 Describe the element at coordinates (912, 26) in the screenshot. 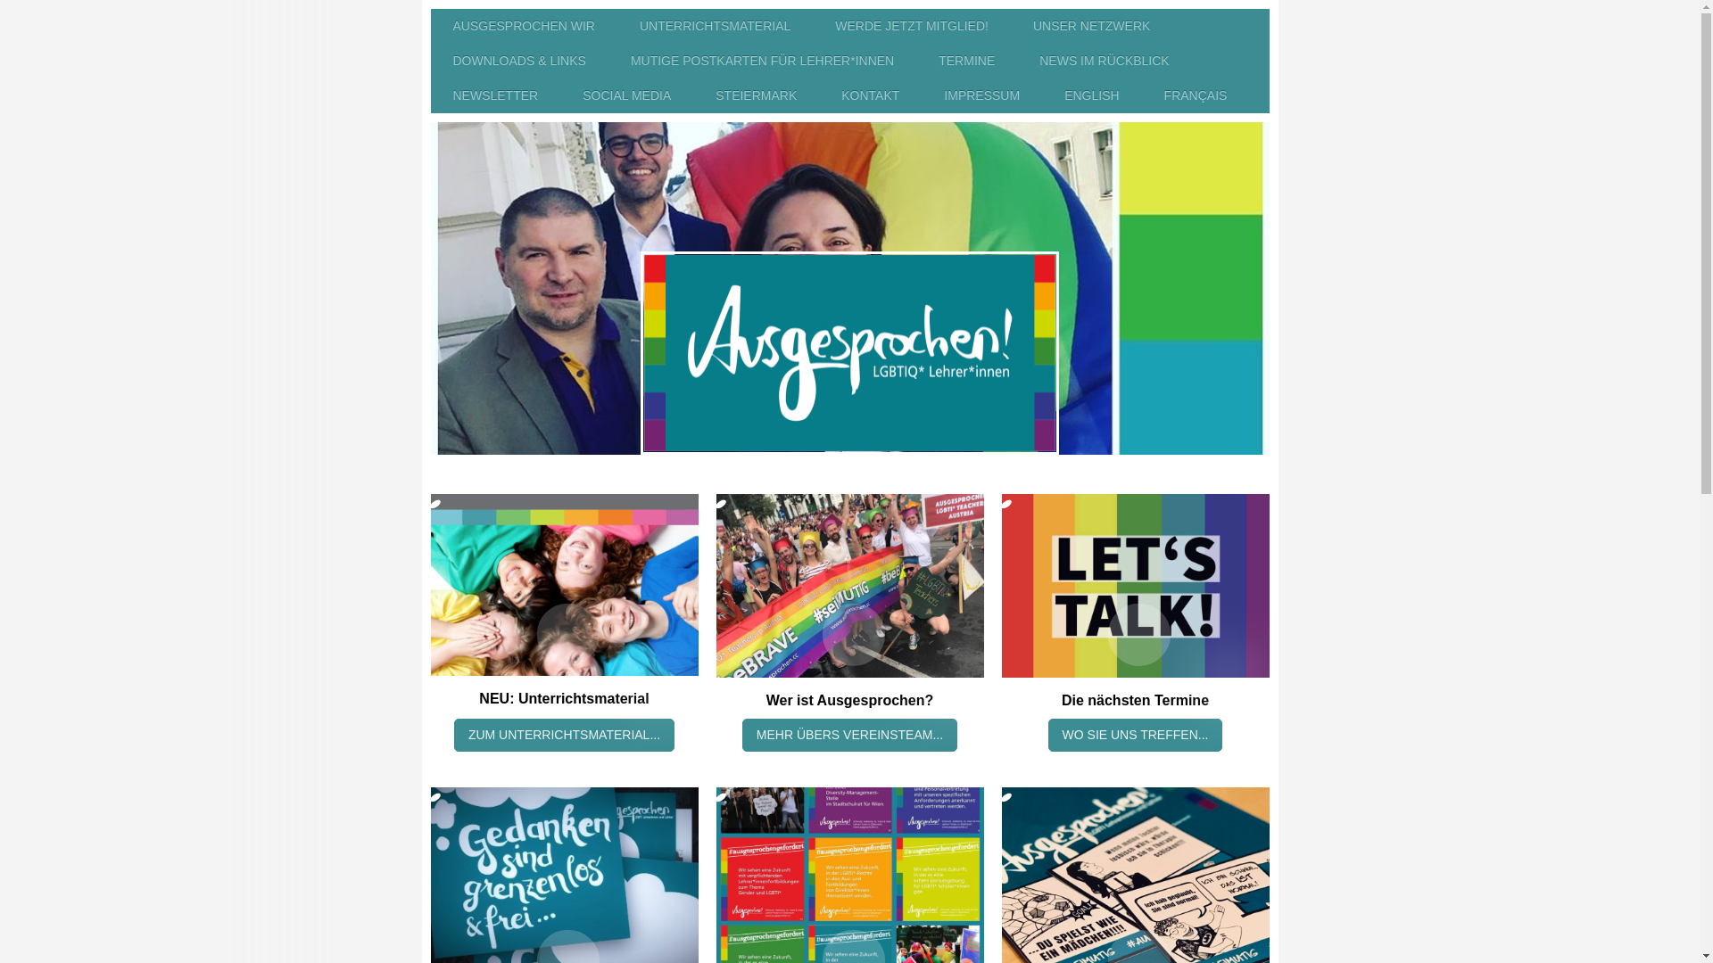

I see `'WERDE JETZT MITGLIED!'` at that location.